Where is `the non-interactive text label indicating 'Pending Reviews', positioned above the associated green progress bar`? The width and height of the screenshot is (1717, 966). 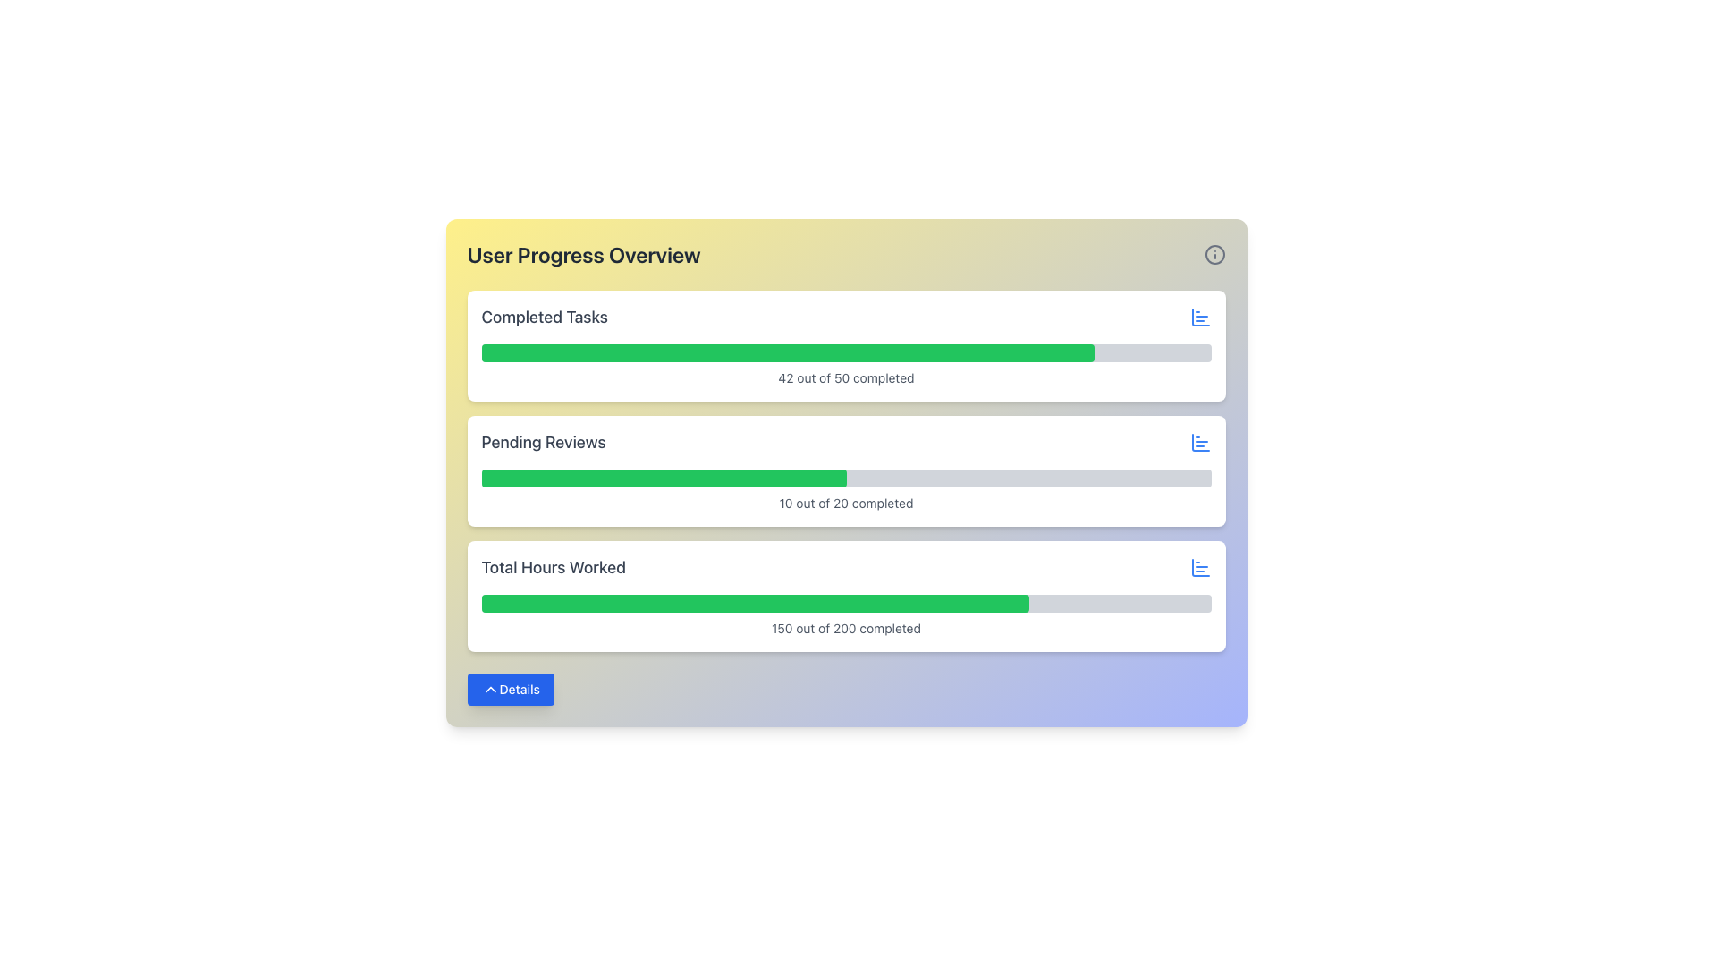 the non-interactive text label indicating 'Pending Reviews', positioned above the associated green progress bar is located at coordinates (543, 442).